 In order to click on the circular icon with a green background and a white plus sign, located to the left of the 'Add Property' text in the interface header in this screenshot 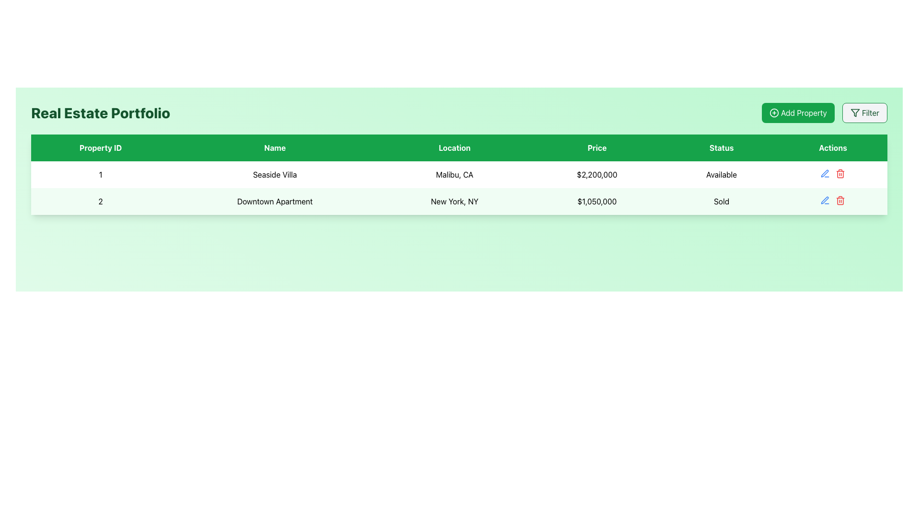, I will do `click(774, 112)`.